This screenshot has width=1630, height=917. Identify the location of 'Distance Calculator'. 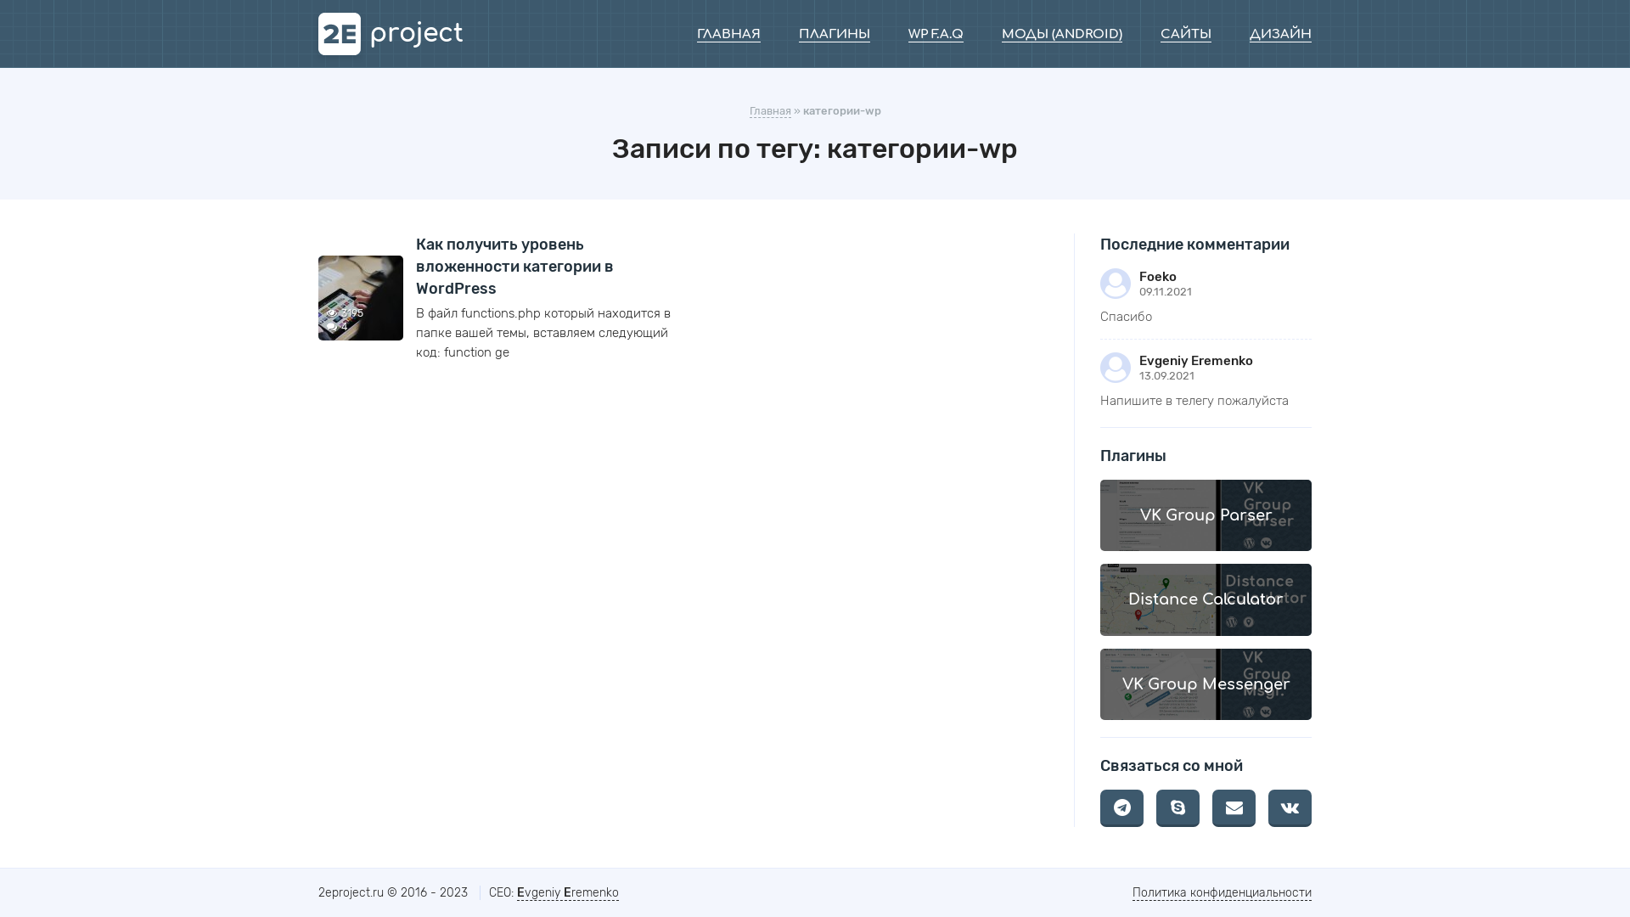
(1205, 598).